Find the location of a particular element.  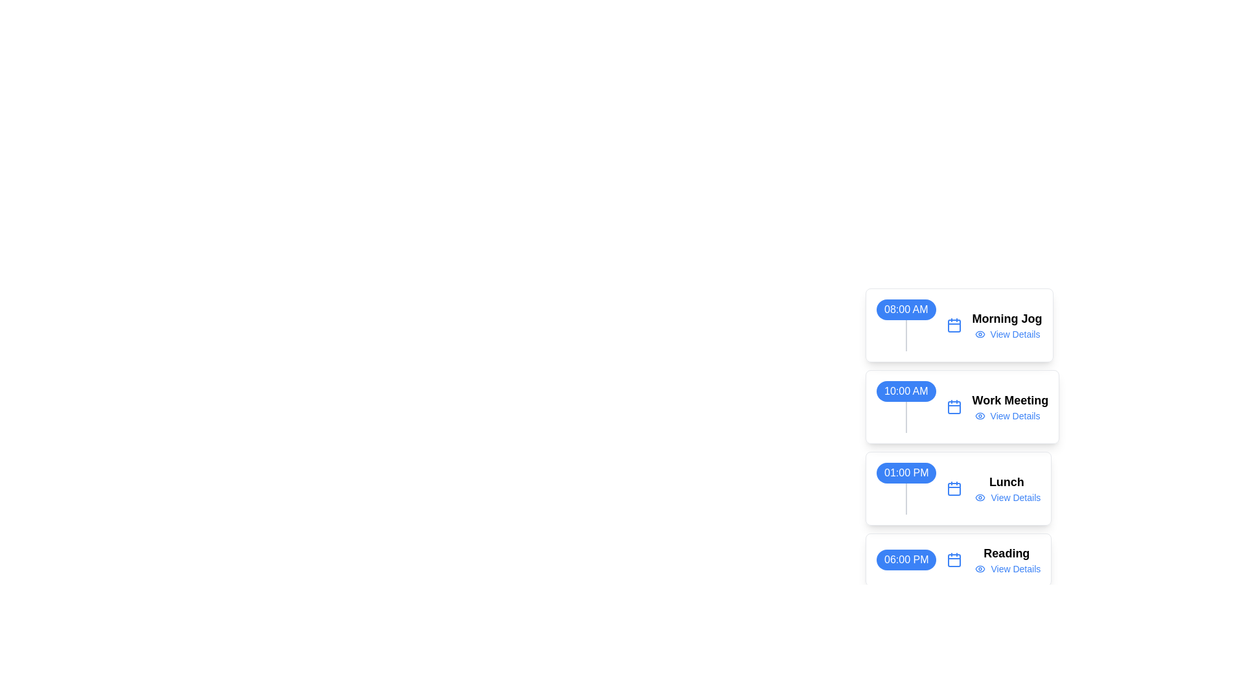

the information displayed by the second Time Label on the right side of the vertical timeline, positioned between '08:00 AM' and '01:00 PM' is located at coordinates (905, 391).